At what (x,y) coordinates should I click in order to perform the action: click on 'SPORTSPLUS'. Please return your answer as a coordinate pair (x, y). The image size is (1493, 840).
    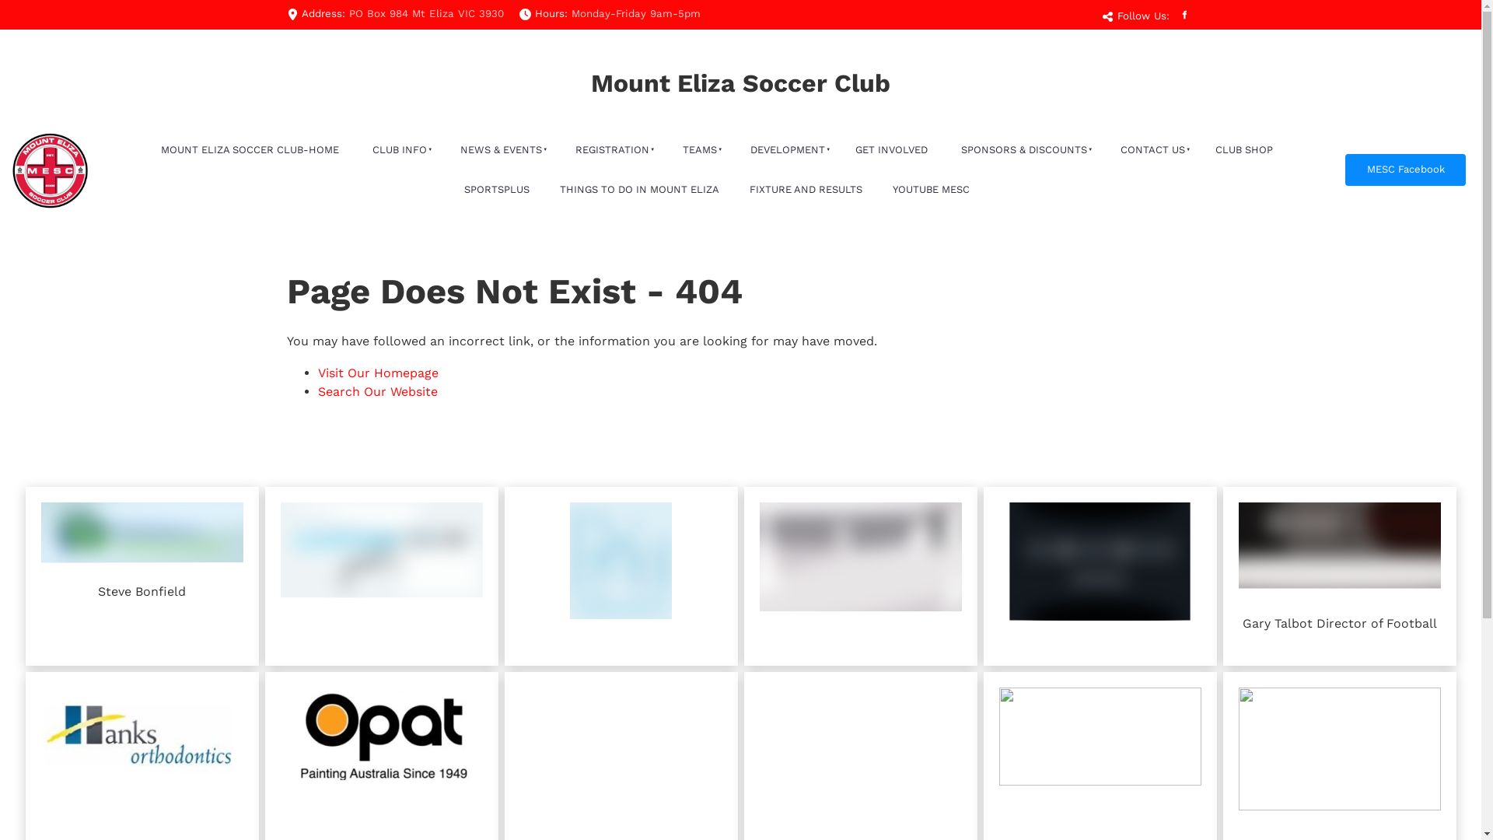
    Looking at the image, I should click on (495, 189).